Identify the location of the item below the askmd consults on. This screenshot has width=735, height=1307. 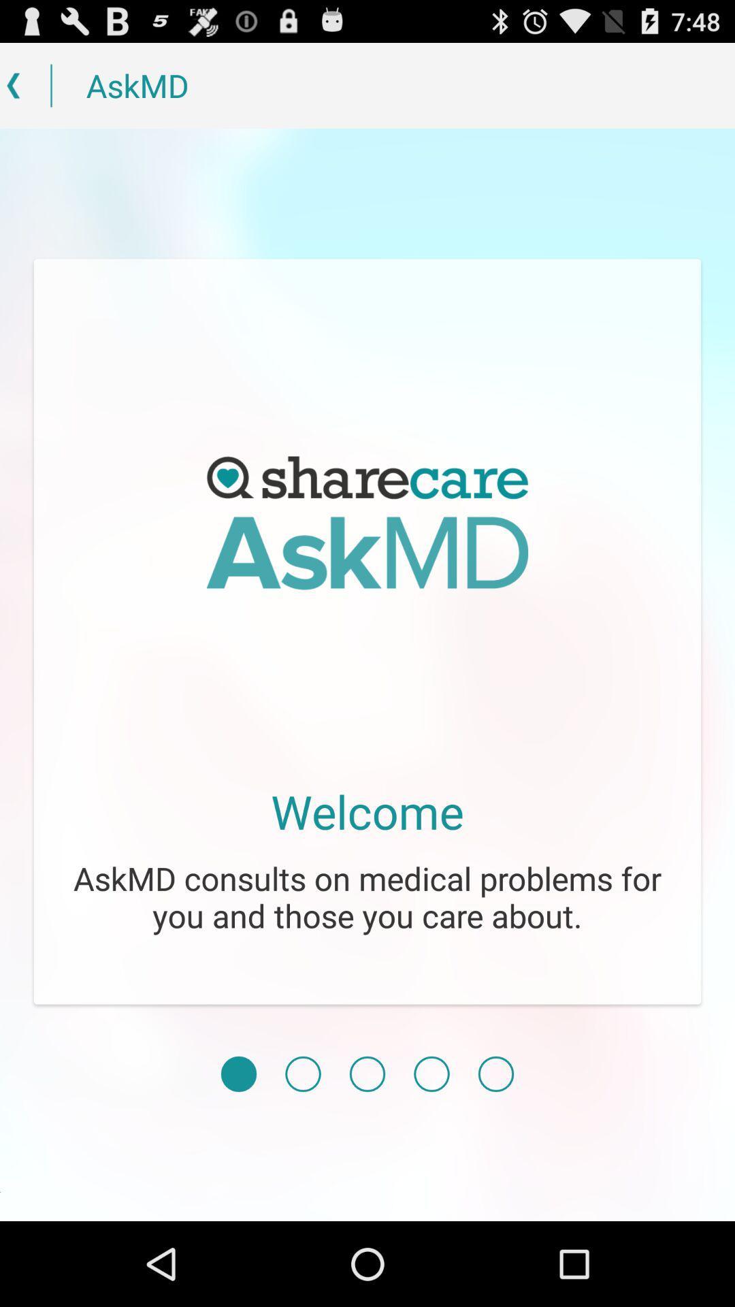
(238, 1074).